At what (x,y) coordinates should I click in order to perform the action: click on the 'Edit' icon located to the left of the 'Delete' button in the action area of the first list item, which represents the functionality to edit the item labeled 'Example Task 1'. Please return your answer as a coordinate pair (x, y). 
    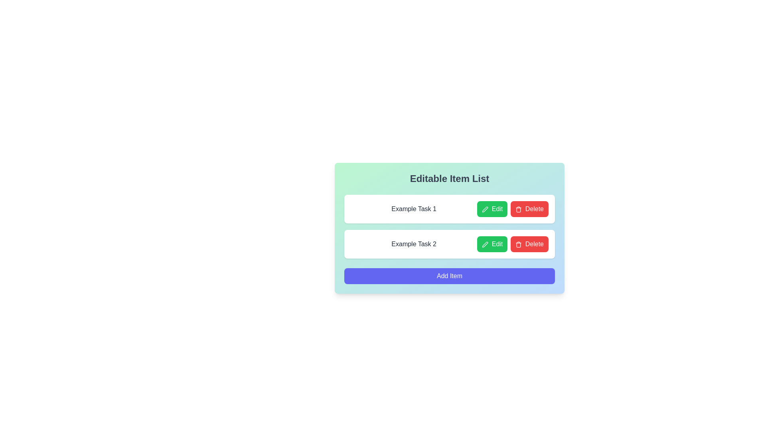
    Looking at the image, I should click on (485, 209).